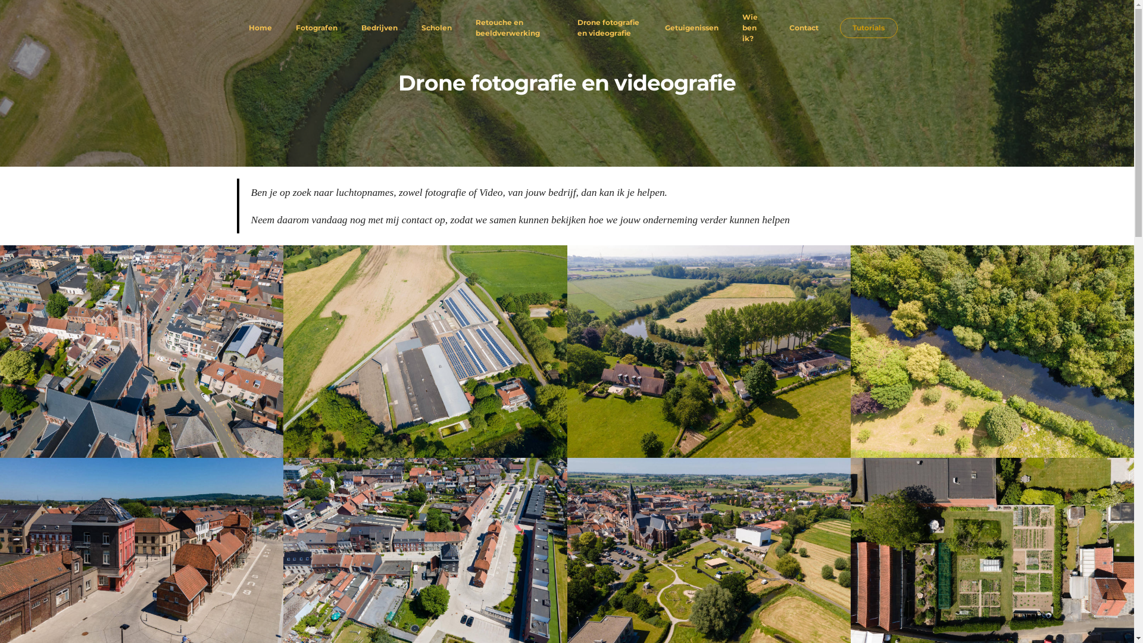 The image size is (1143, 643). Describe the element at coordinates (260, 27) in the screenshot. I see `'Home'` at that location.